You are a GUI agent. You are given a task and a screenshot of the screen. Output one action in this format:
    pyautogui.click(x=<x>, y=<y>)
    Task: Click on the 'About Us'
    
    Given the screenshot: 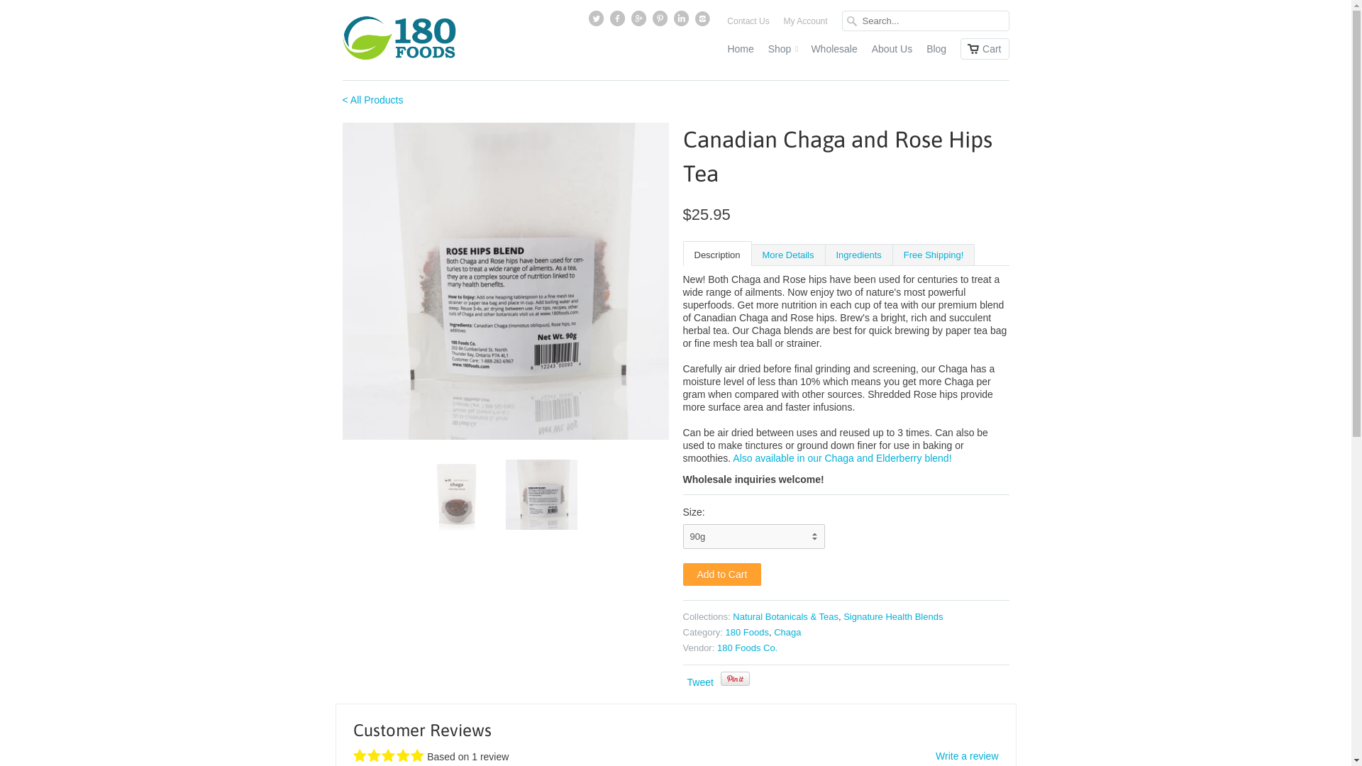 What is the action you would take?
    pyautogui.click(x=891, y=51)
    